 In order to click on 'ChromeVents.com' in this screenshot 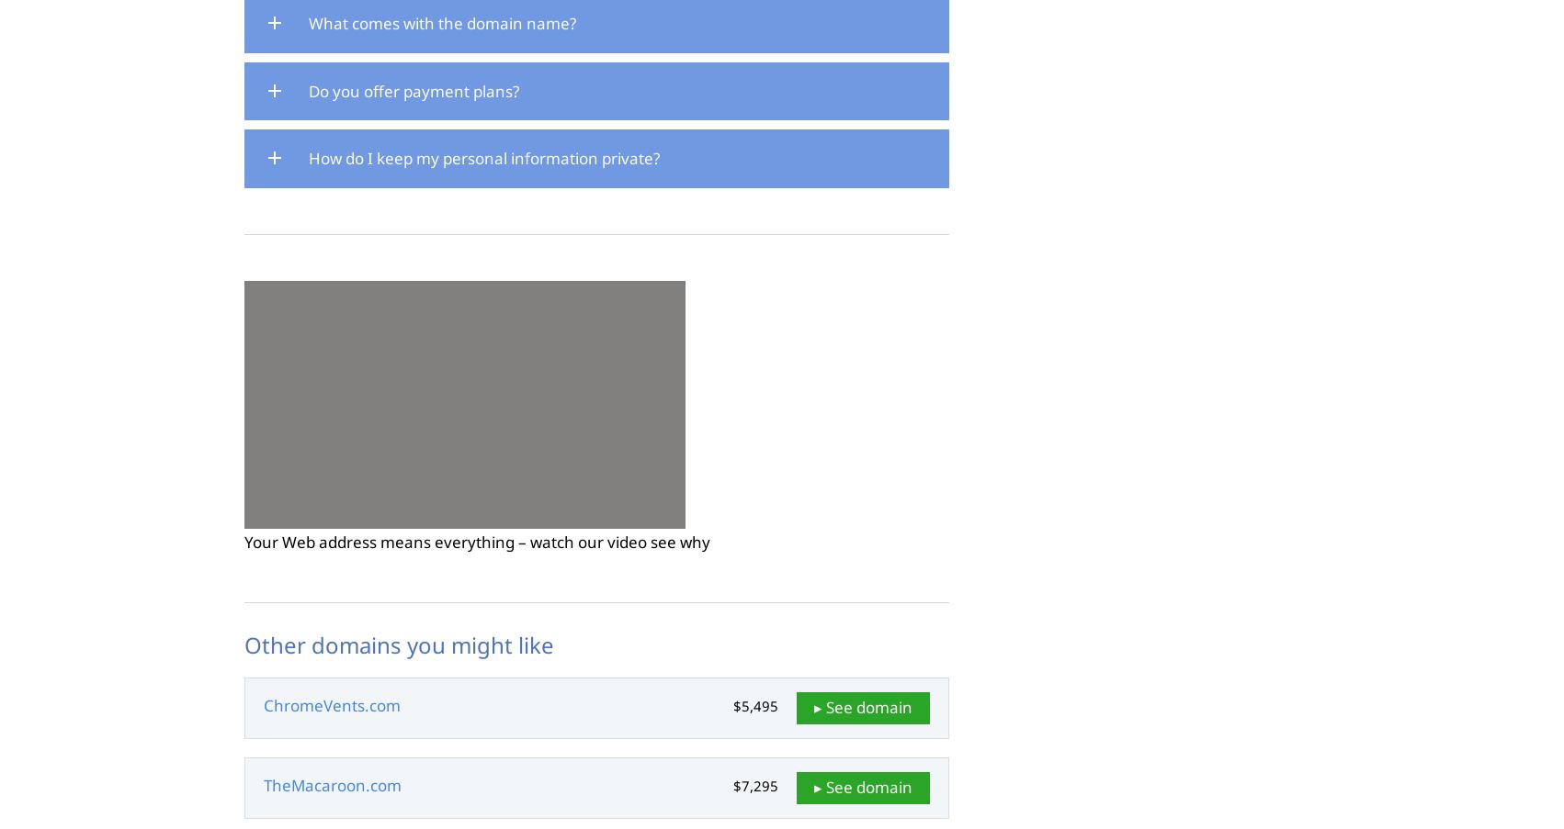, I will do `click(332, 705)`.